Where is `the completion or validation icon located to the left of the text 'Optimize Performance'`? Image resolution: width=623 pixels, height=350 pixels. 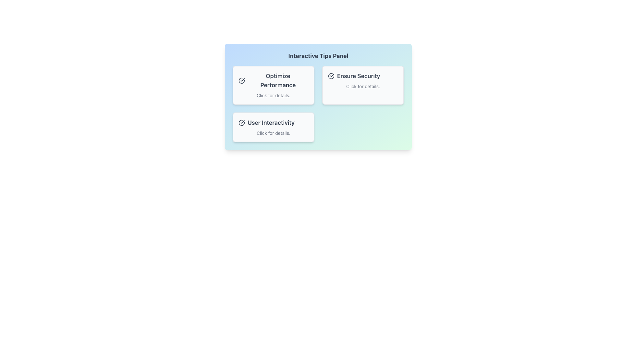 the completion or validation icon located to the left of the text 'Optimize Performance' is located at coordinates (241, 80).